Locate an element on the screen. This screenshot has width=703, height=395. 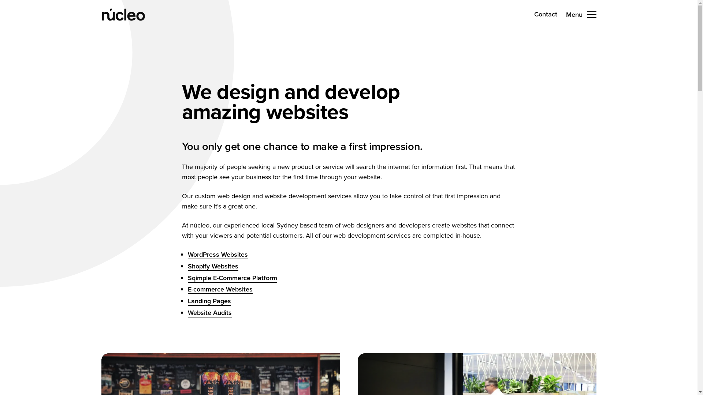
'Shopify Websites' is located at coordinates (212, 266).